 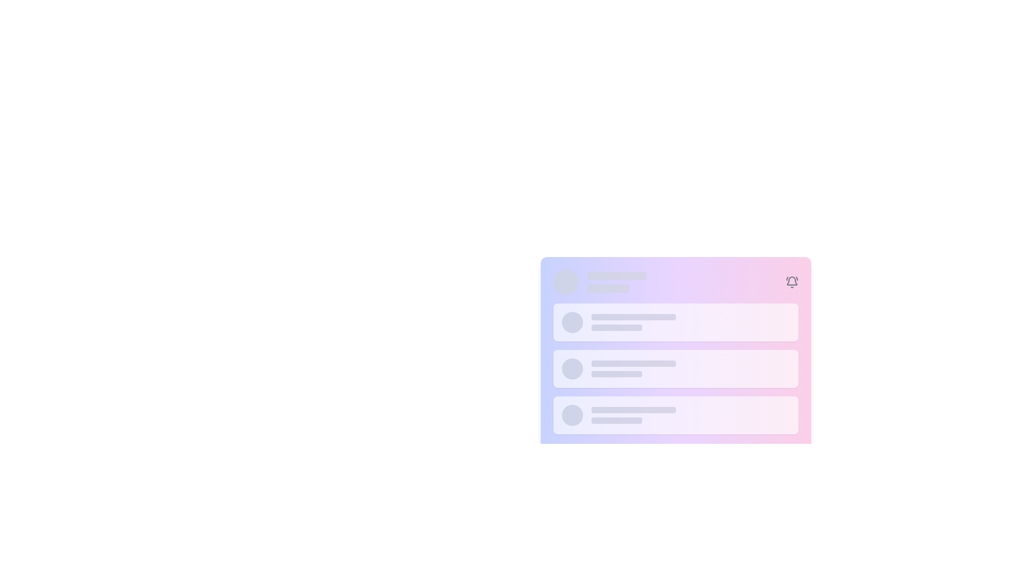 What do you see at coordinates (571, 321) in the screenshot?
I see `the circular Avatar placeholder with a gray background located towards the left in the vertical center of the card` at bounding box center [571, 321].